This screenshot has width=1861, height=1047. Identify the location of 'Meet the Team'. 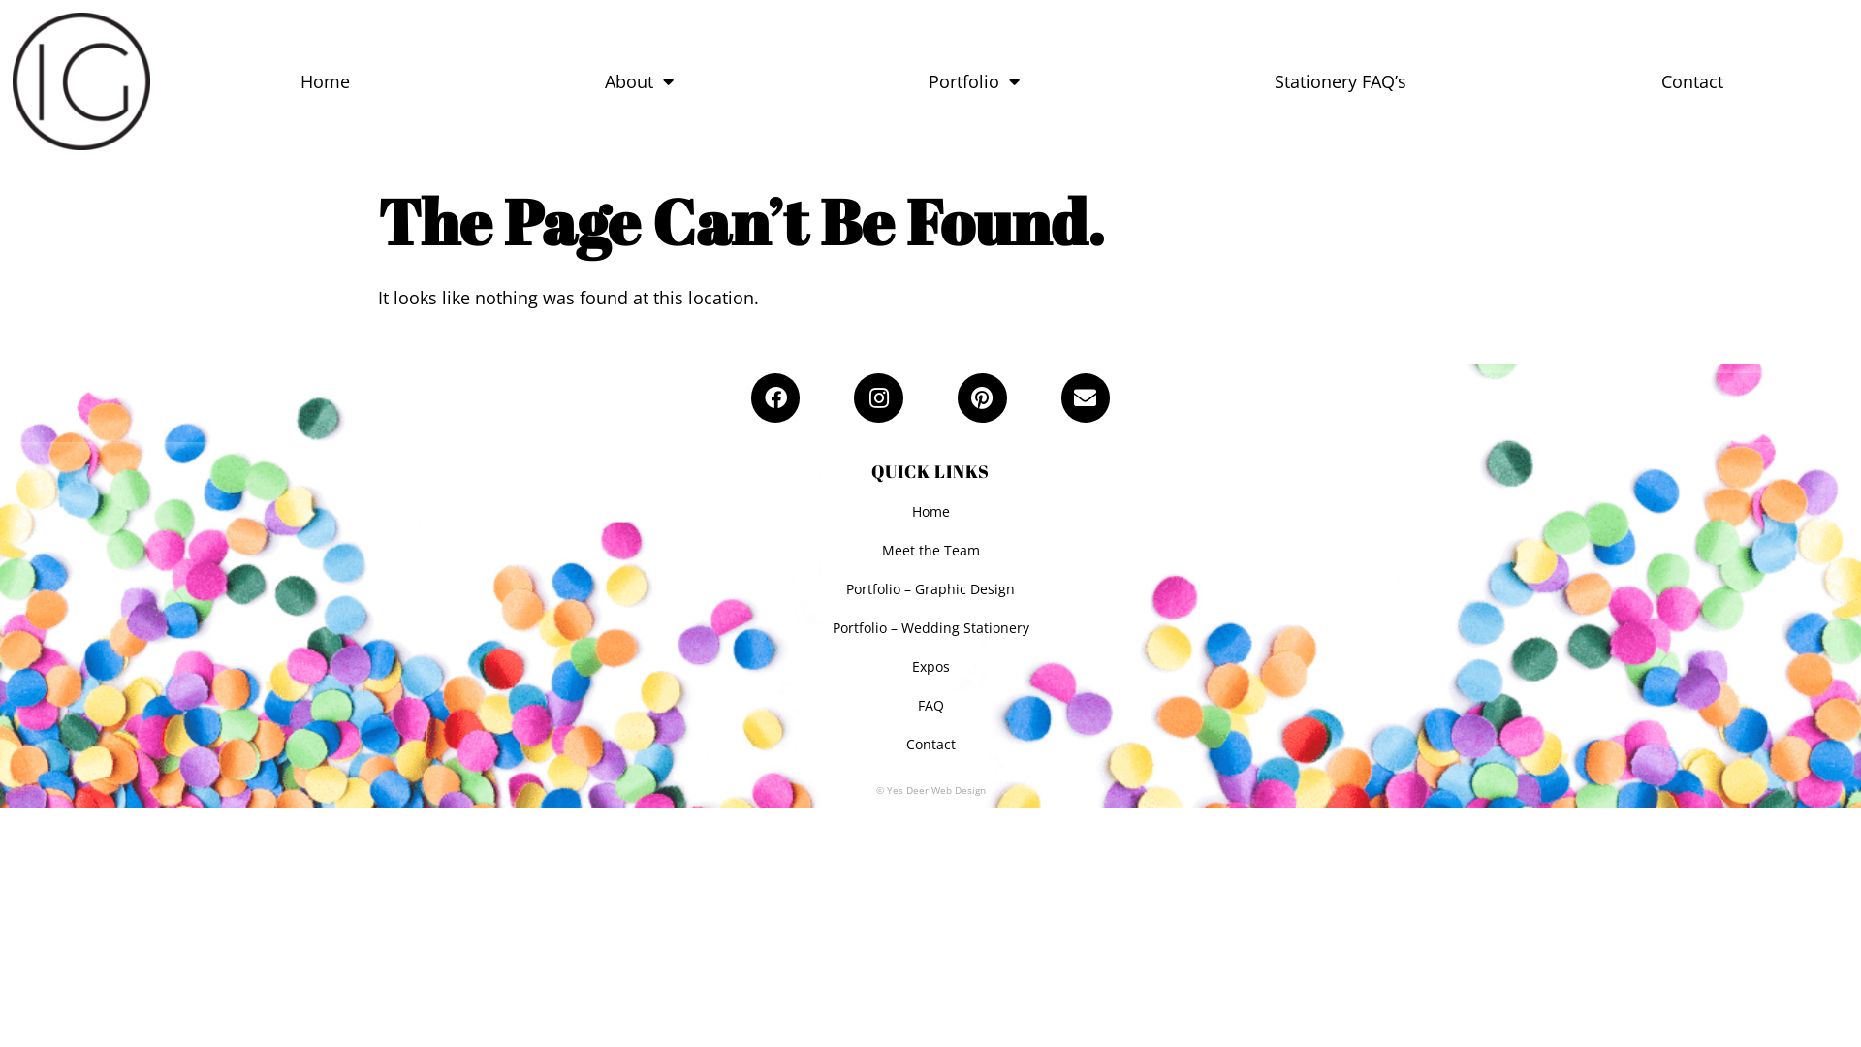
(930, 550).